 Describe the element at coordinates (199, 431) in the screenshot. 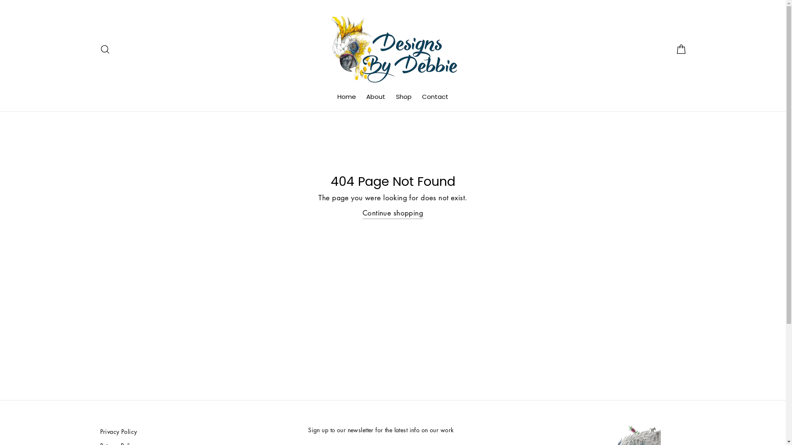

I see `'Privacy Policy'` at that location.